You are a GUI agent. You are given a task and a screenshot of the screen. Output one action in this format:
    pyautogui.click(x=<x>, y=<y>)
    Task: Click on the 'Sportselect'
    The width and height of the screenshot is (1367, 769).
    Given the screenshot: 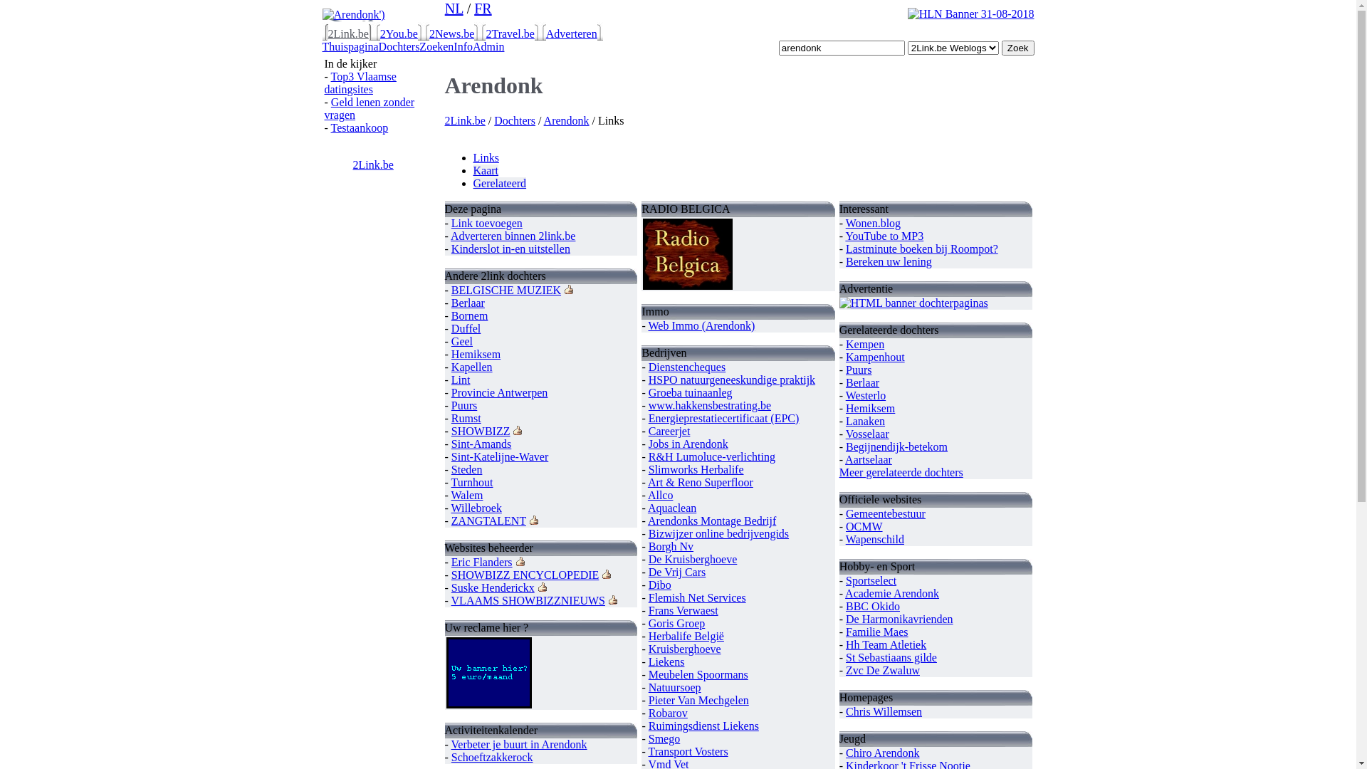 What is the action you would take?
    pyautogui.click(x=870, y=580)
    